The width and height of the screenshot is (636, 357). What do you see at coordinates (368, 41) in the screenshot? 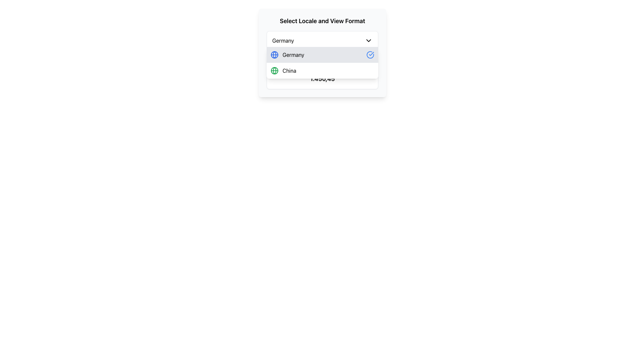
I see `the downward chevron-shaped icon located at the rightmost side of the button labeled 'Germany'` at bounding box center [368, 41].